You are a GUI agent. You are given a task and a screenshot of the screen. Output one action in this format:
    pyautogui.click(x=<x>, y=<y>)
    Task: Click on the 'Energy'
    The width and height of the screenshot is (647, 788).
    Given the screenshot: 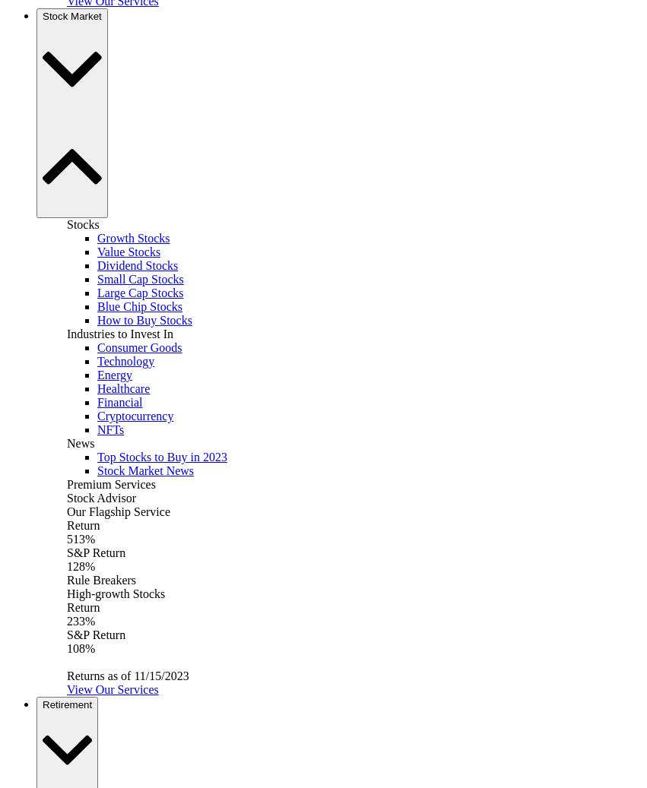 What is the action you would take?
    pyautogui.click(x=114, y=374)
    